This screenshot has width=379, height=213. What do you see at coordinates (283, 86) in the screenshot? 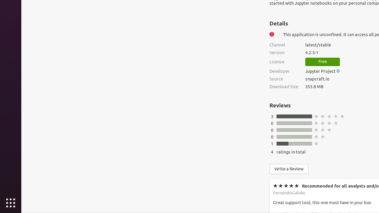
I see `'Download Size'` at bounding box center [283, 86].